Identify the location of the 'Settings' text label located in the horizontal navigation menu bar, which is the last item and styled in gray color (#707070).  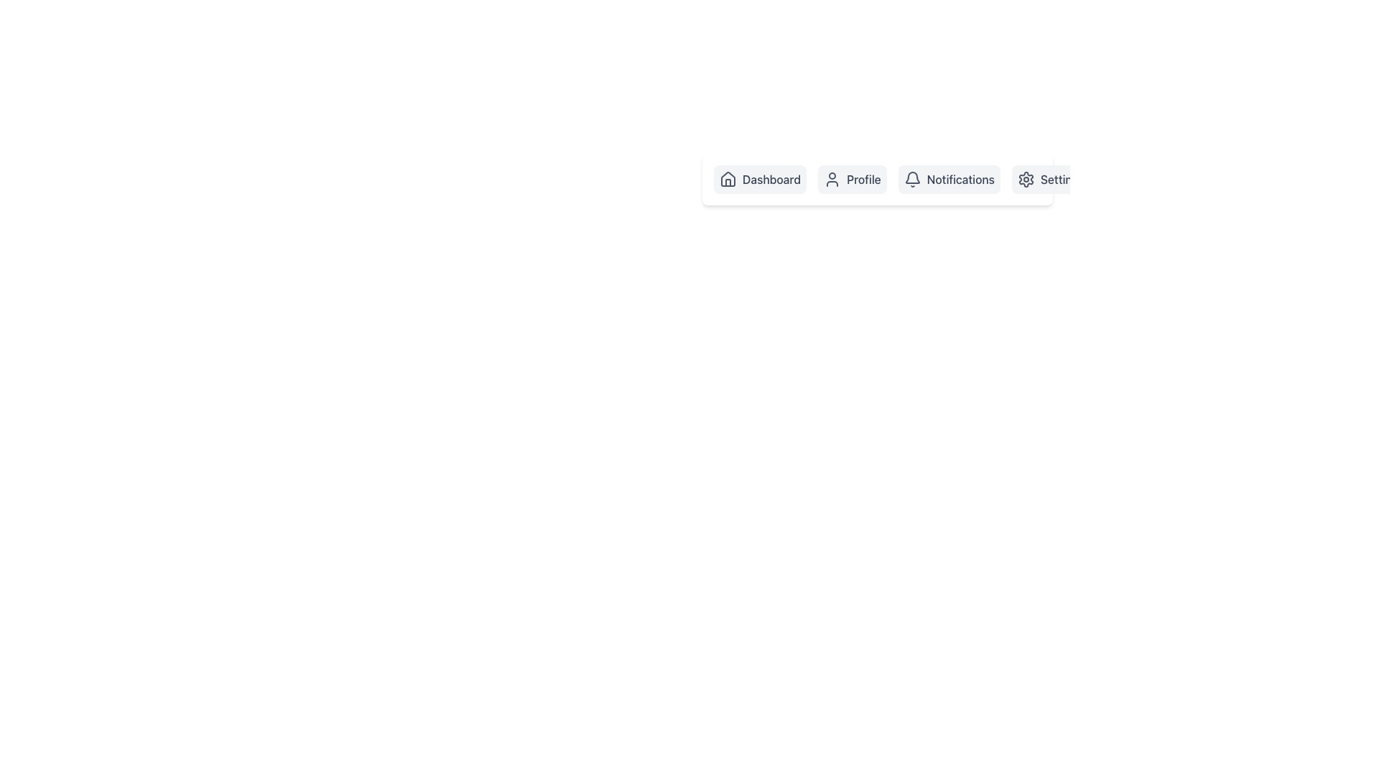
(1062, 179).